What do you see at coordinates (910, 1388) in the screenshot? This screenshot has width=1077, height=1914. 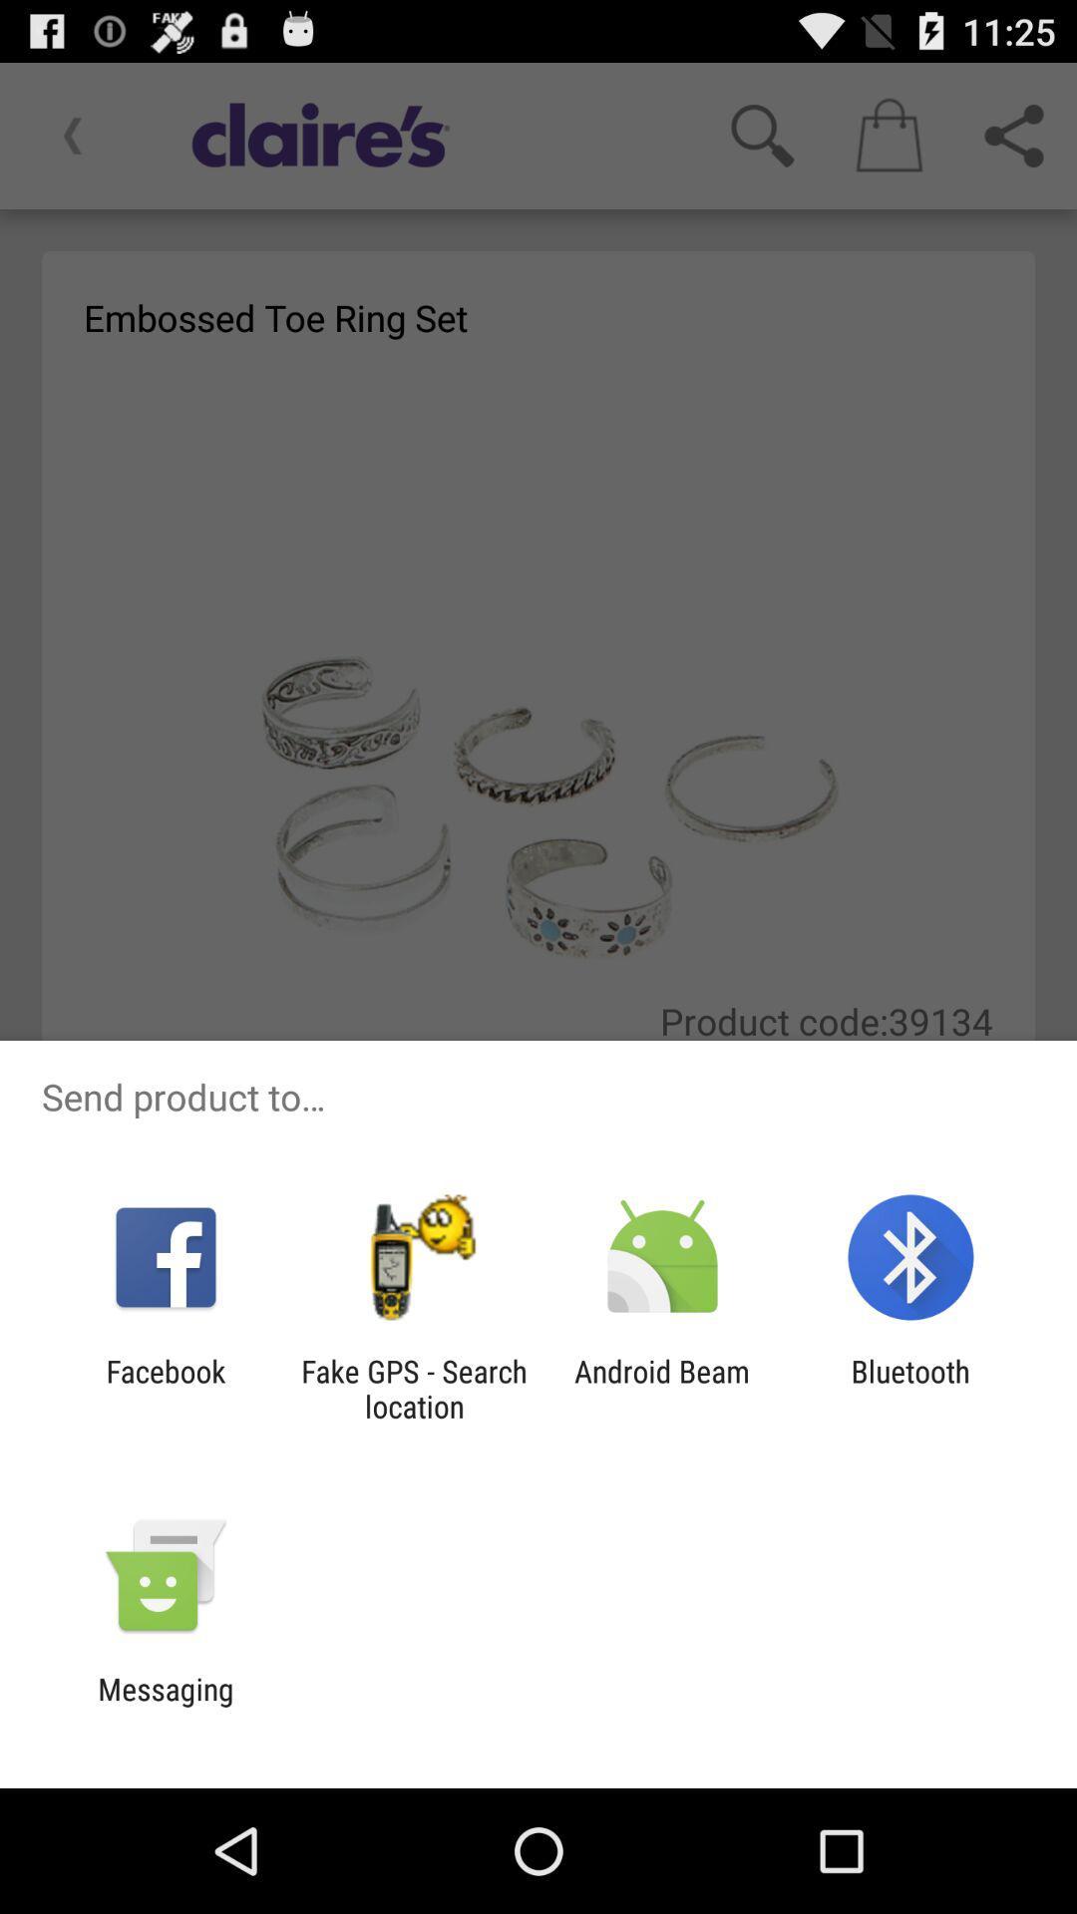 I see `the bluetooth at the bottom right corner` at bounding box center [910, 1388].